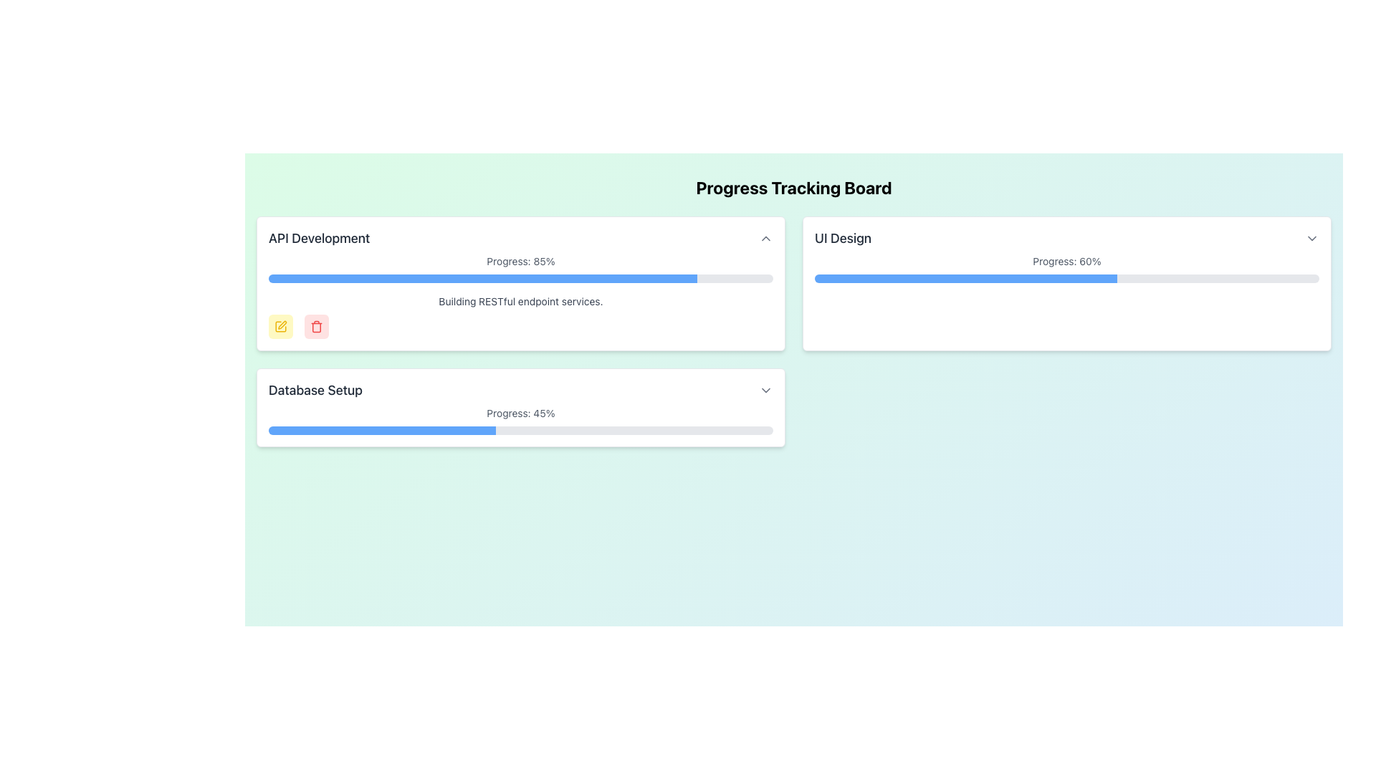 Image resolution: width=1376 pixels, height=774 pixels. I want to click on the static text displaying 'Database Setup' which is part of the progress tracking board interface, so click(315, 390).